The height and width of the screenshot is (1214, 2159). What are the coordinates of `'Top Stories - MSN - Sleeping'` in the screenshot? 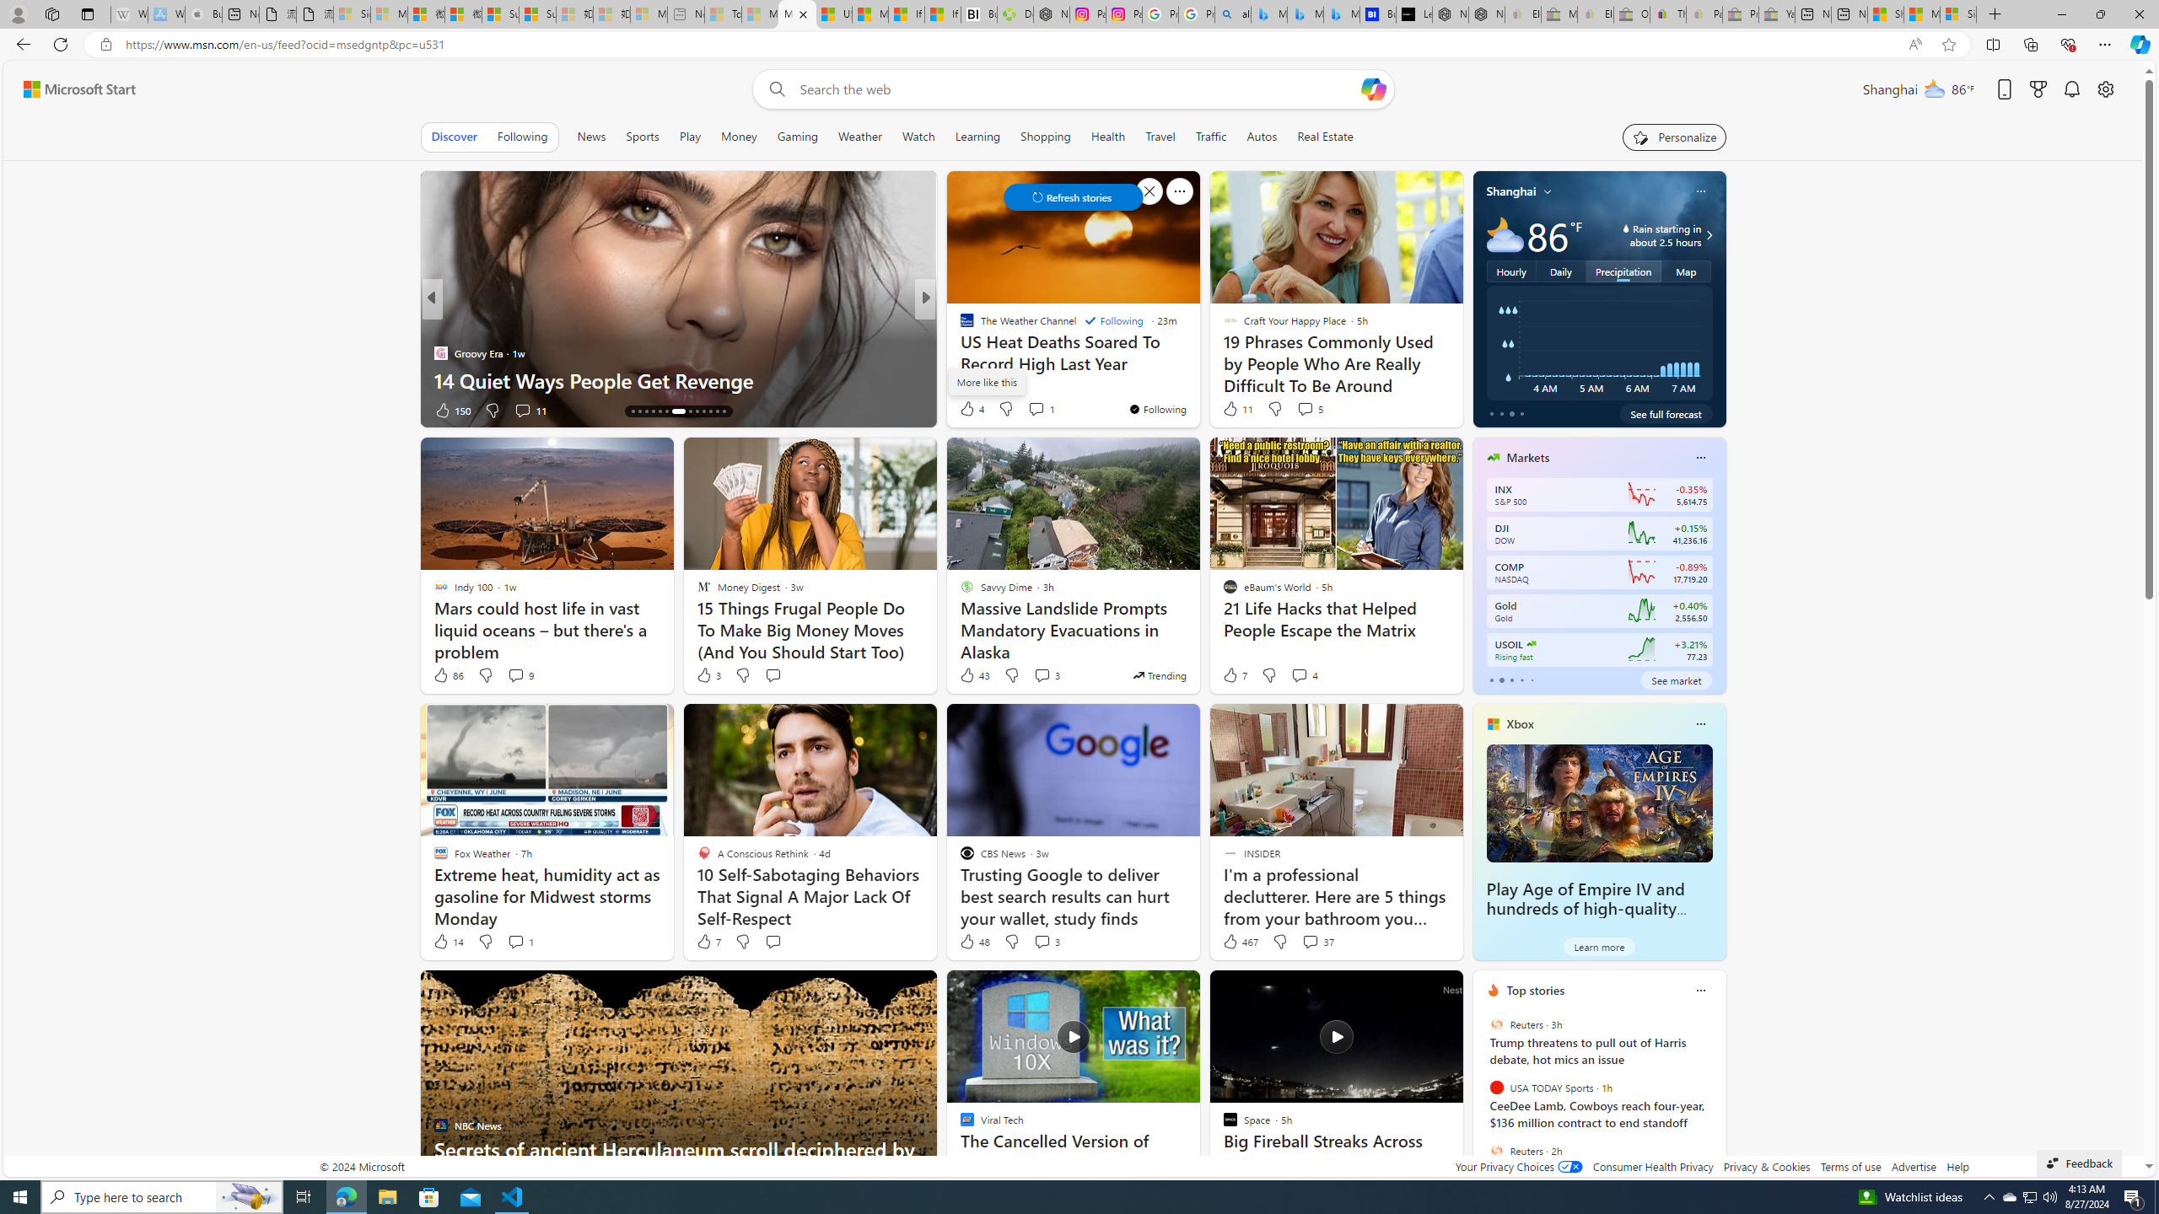 It's located at (722, 13).